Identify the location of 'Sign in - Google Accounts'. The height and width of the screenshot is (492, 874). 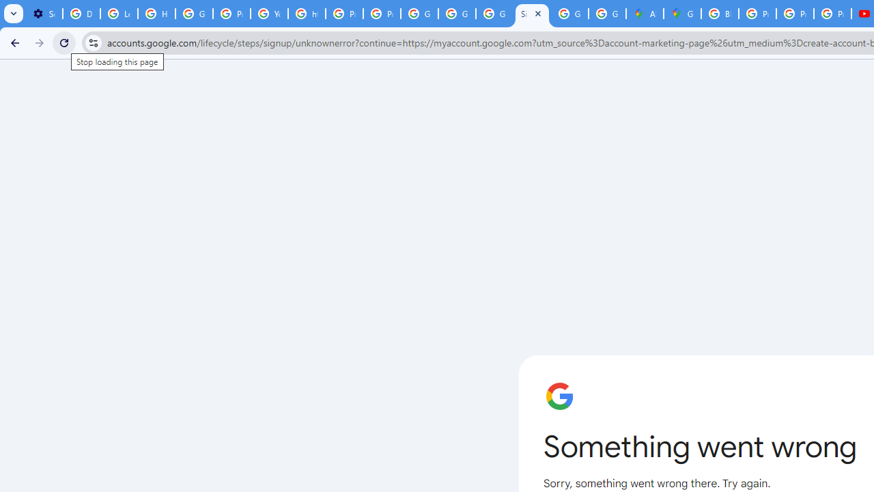
(531, 14).